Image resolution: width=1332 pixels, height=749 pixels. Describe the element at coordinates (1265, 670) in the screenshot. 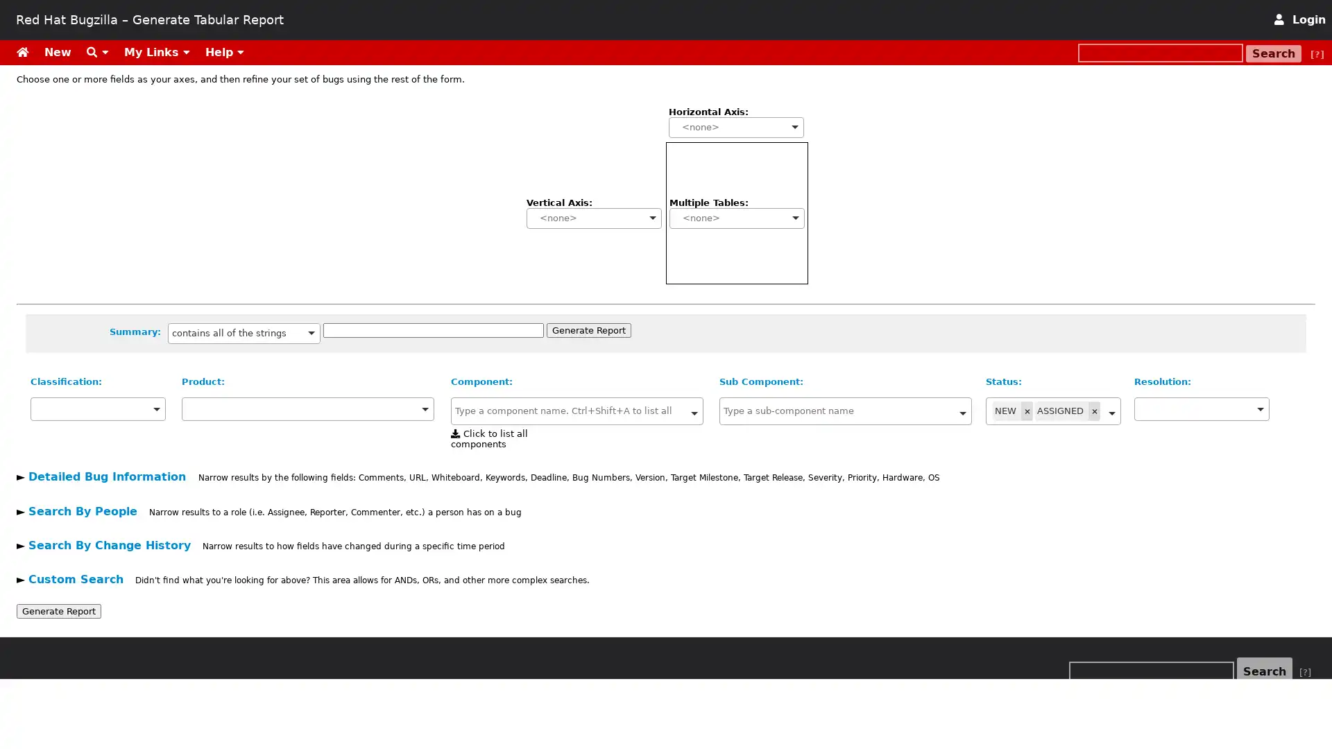

I see `Search` at that location.